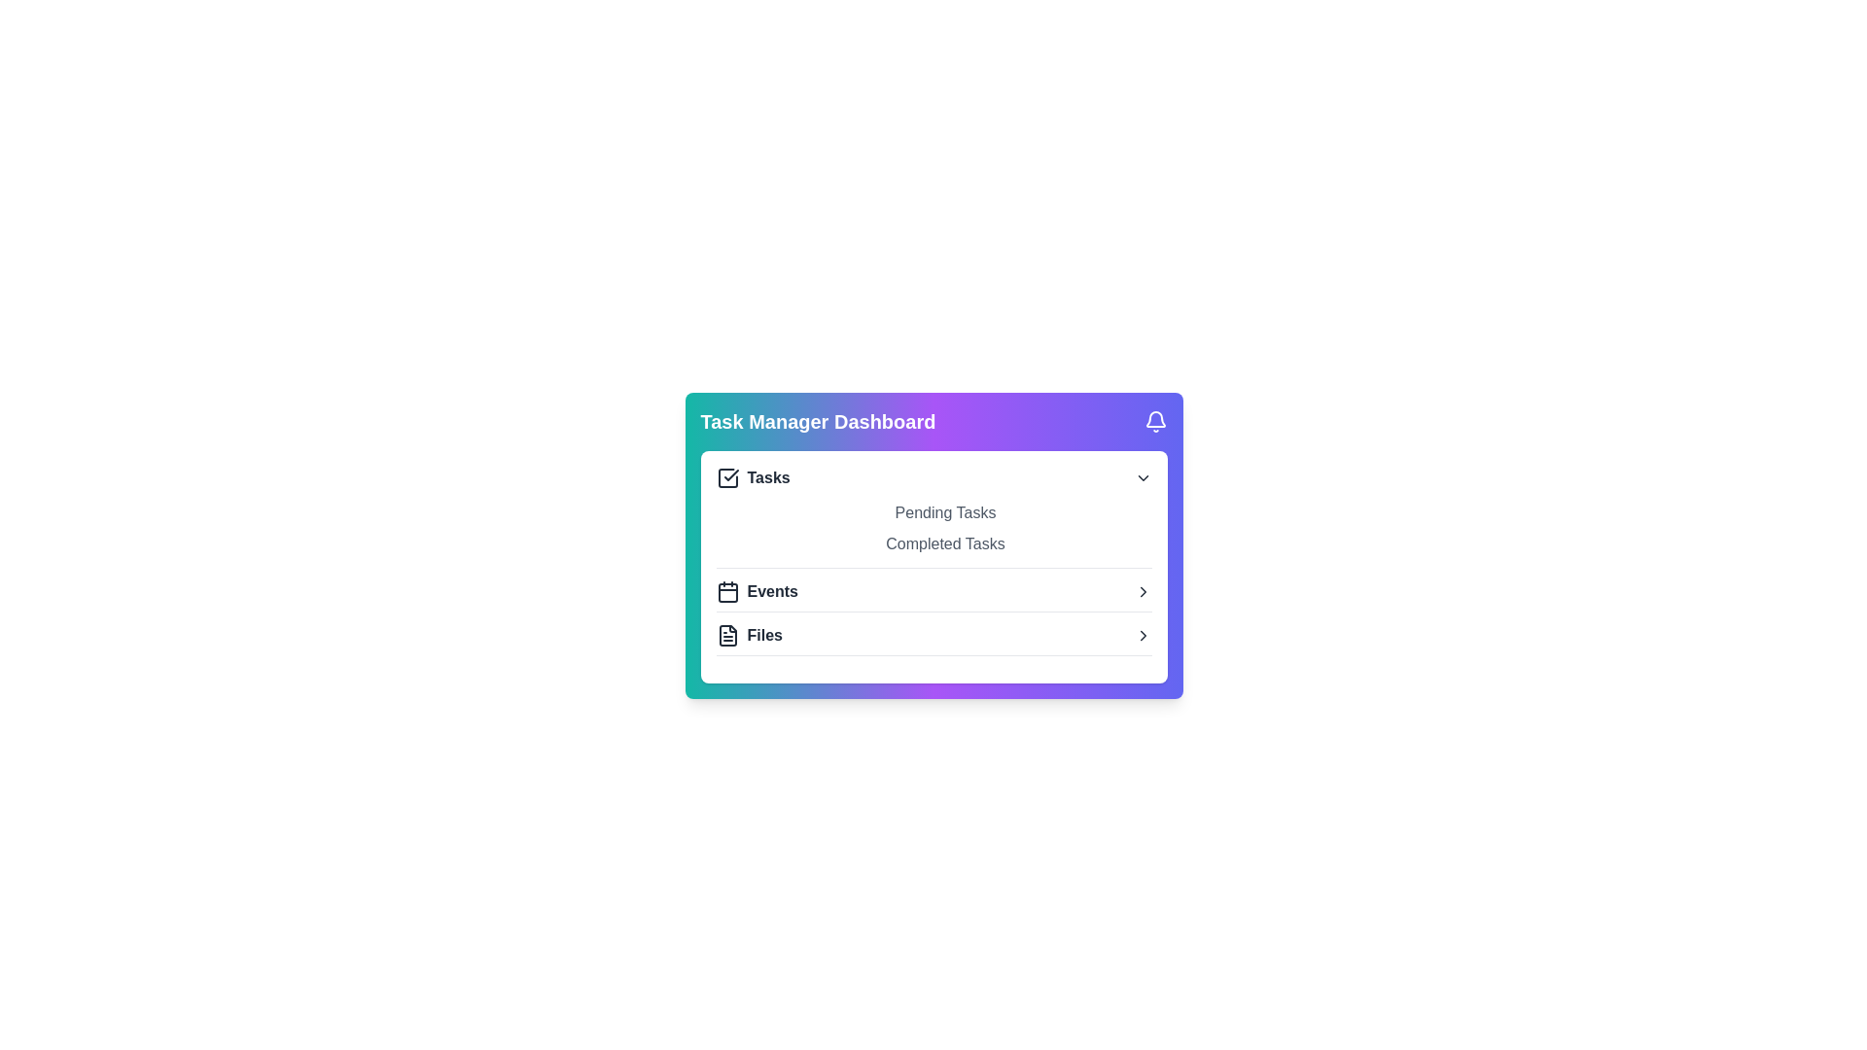  Describe the element at coordinates (1143, 478) in the screenshot. I see `the downward-pointing chevron icon next to the 'Tasks' label` at that location.